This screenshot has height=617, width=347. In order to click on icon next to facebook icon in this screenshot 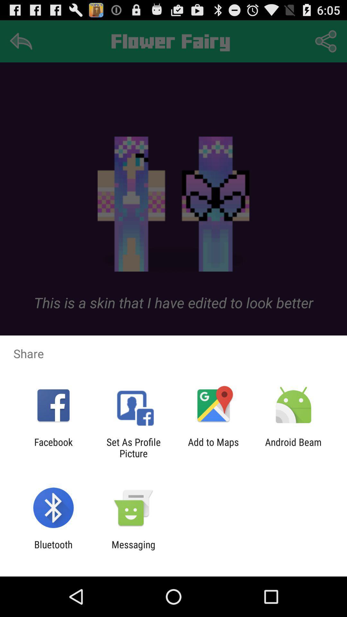, I will do `click(133, 447)`.